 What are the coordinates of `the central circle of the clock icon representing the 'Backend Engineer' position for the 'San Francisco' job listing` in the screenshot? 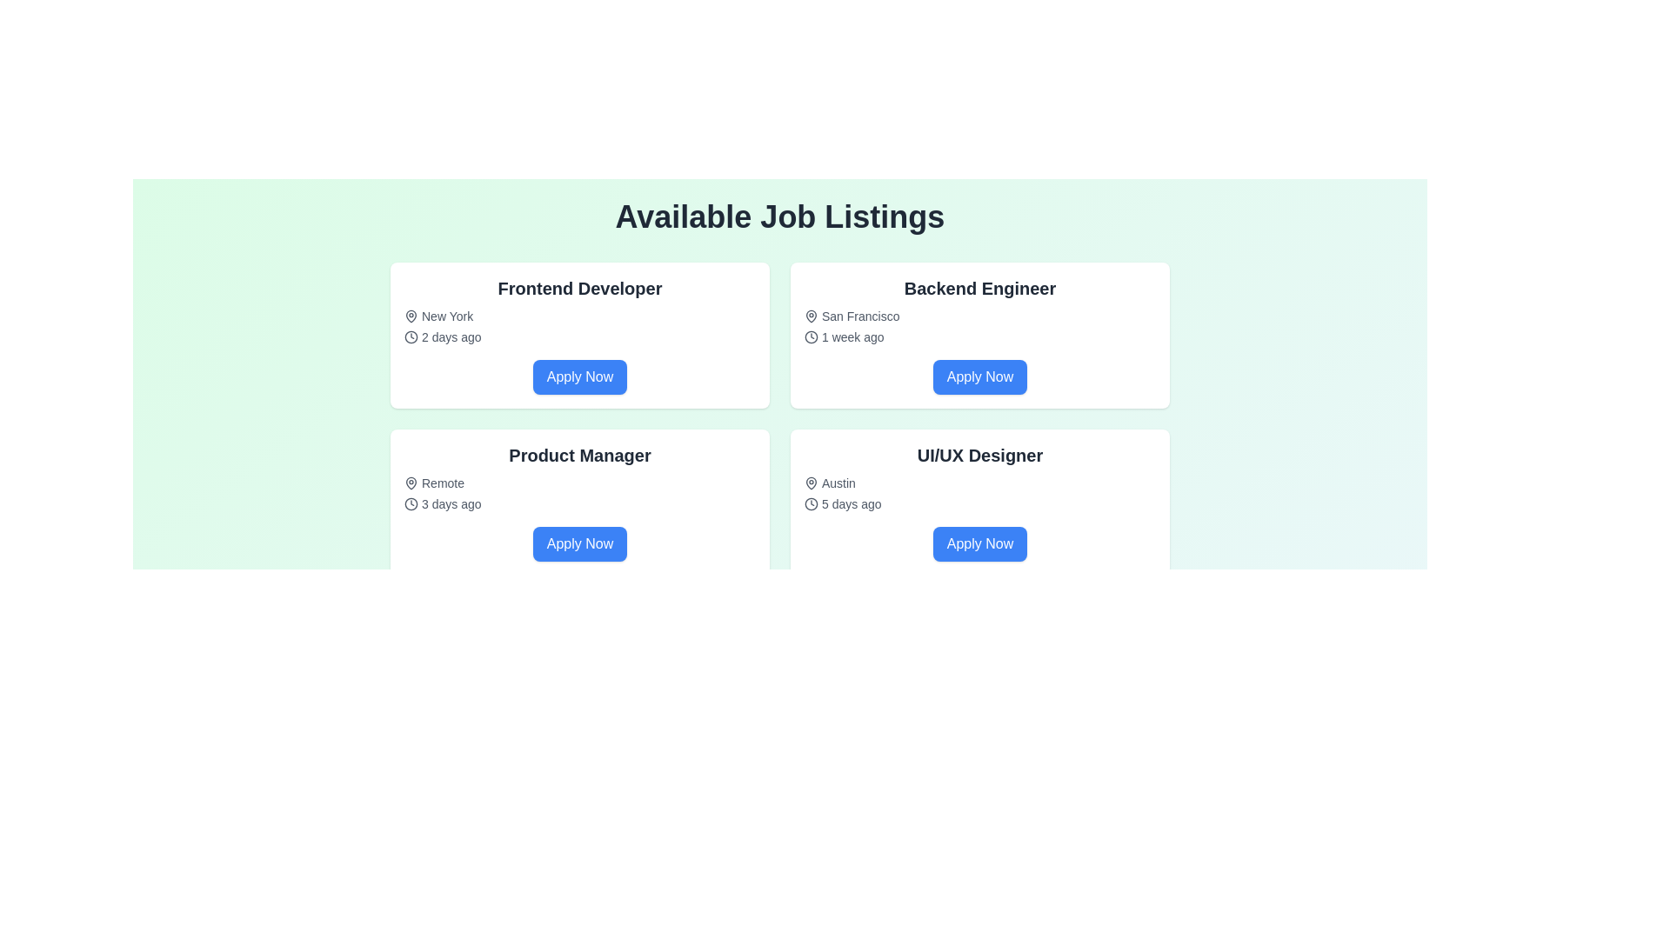 It's located at (810, 337).